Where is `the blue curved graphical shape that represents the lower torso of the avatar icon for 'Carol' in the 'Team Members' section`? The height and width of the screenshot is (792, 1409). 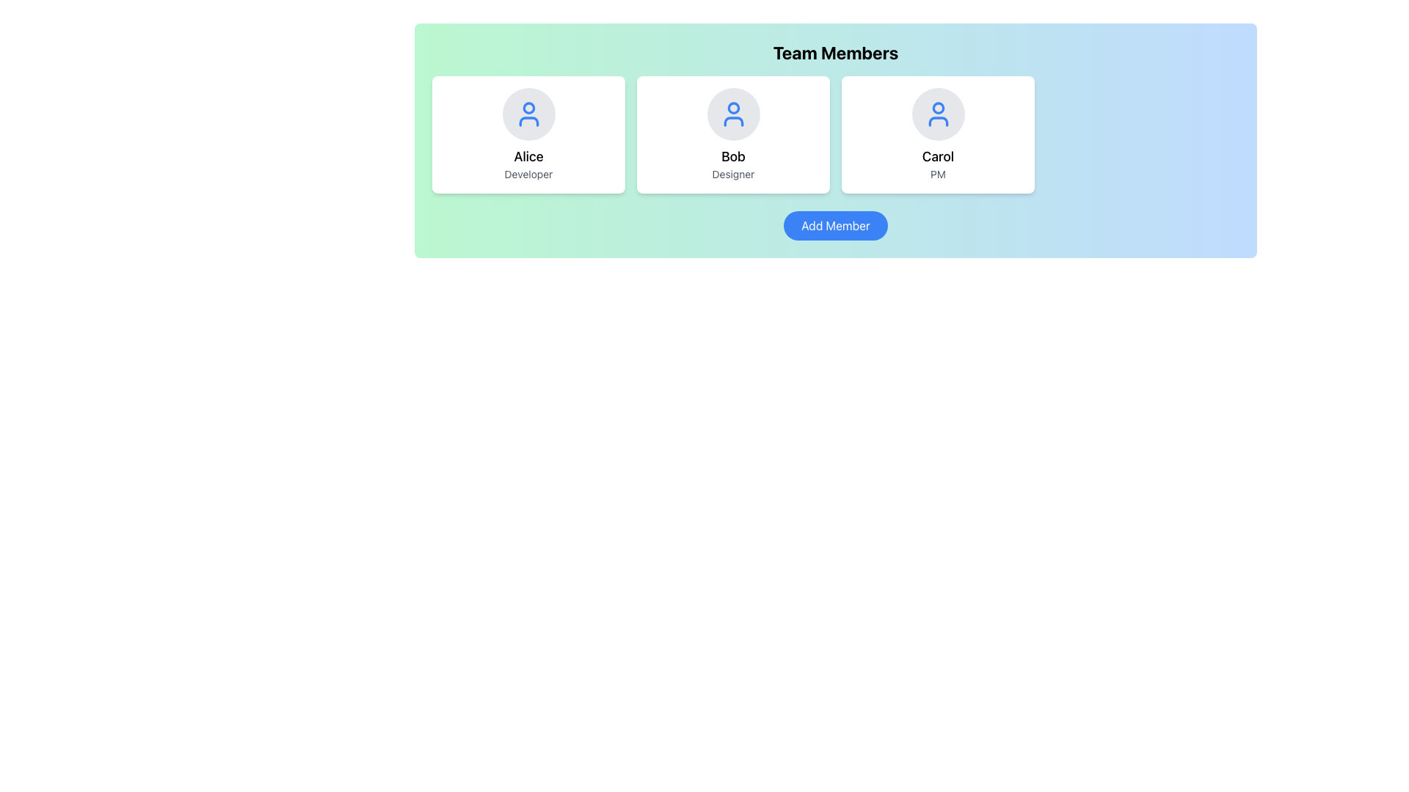 the blue curved graphical shape that represents the lower torso of the avatar icon for 'Carol' in the 'Team Members' section is located at coordinates (937, 120).